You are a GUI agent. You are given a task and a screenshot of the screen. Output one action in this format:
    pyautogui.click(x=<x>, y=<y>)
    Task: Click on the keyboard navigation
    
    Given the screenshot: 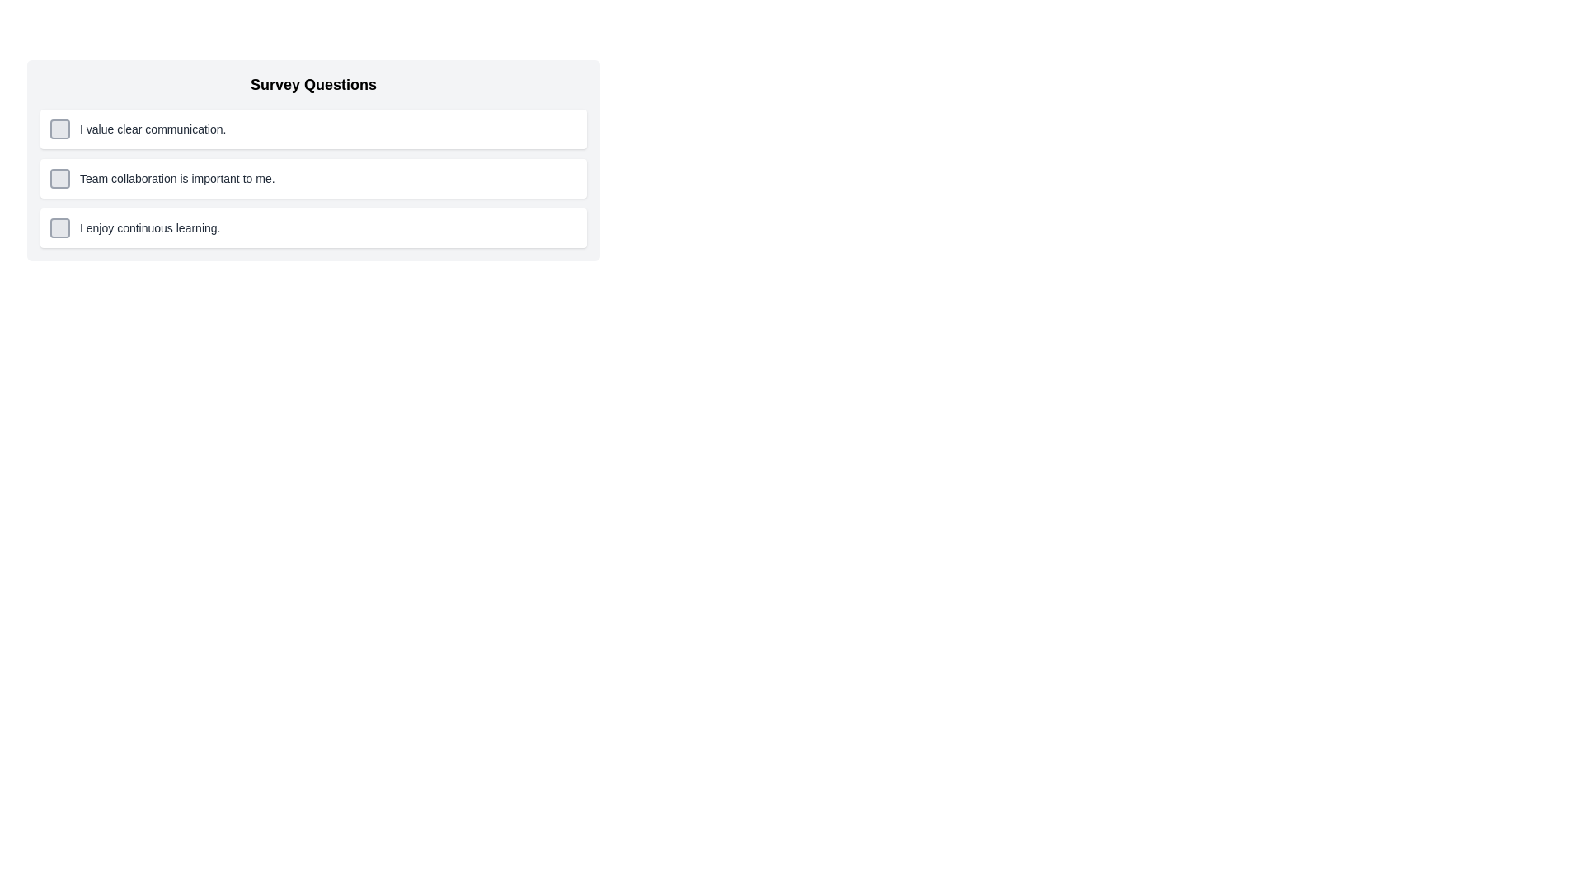 What is the action you would take?
    pyautogui.click(x=313, y=228)
    